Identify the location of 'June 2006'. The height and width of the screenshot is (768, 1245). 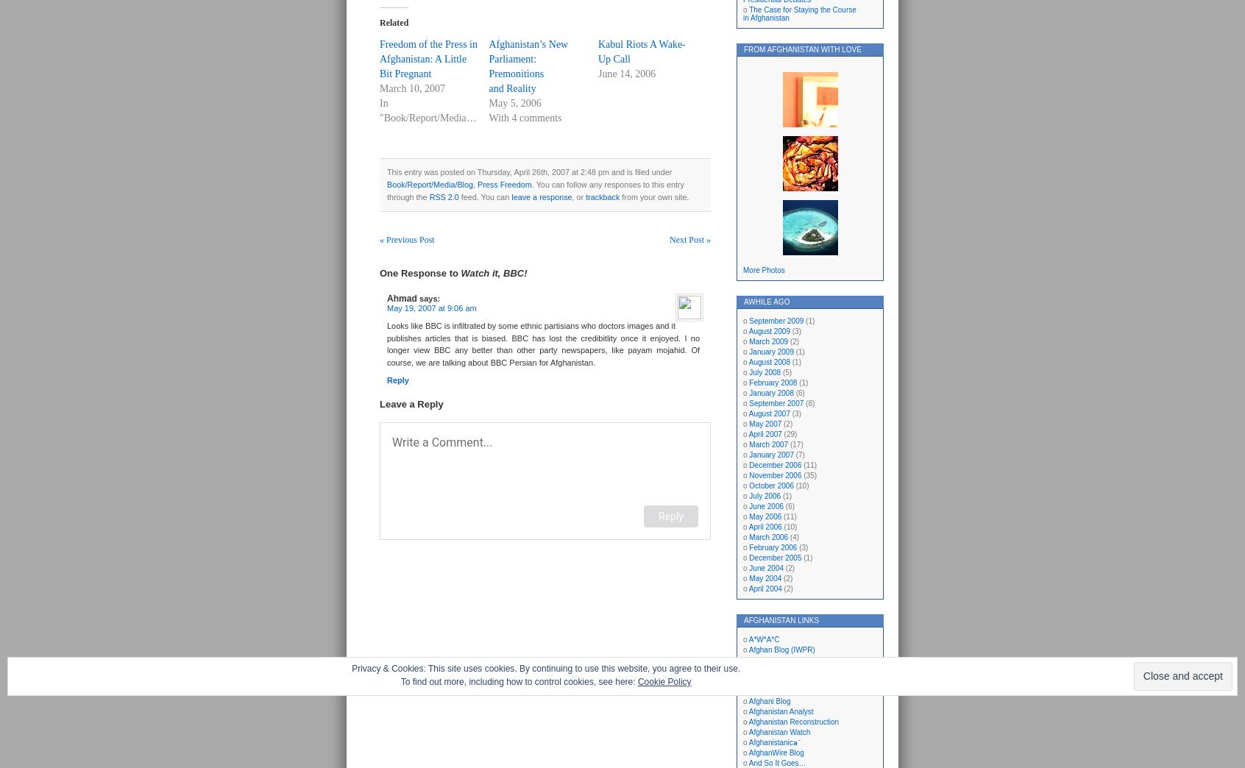
(765, 505).